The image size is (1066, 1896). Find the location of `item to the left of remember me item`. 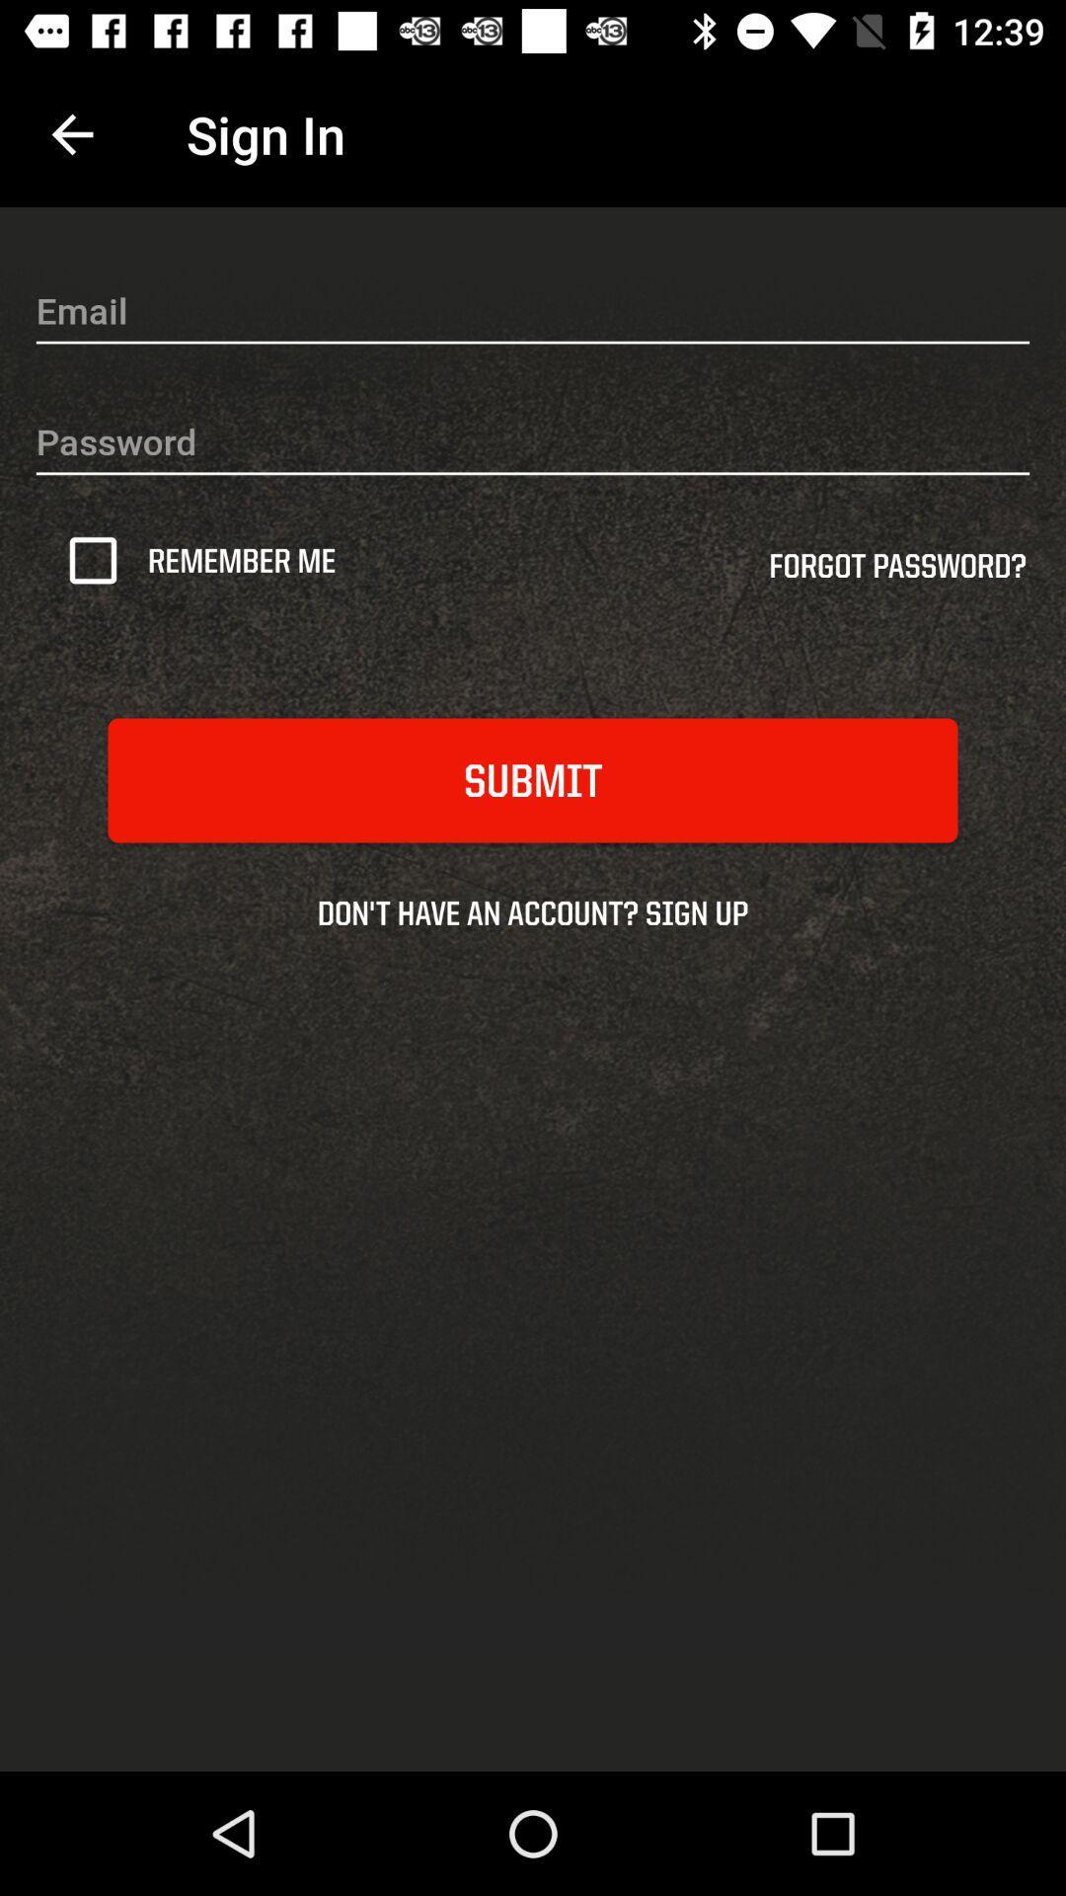

item to the left of remember me item is located at coordinates (100, 559).